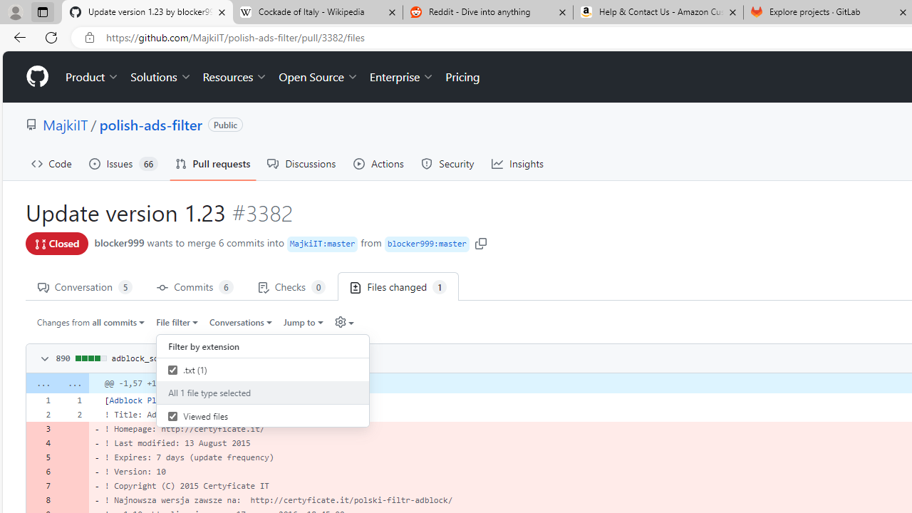 The height and width of the screenshot is (513, 912). I want to click on 'Issues66', so click(123, 163).